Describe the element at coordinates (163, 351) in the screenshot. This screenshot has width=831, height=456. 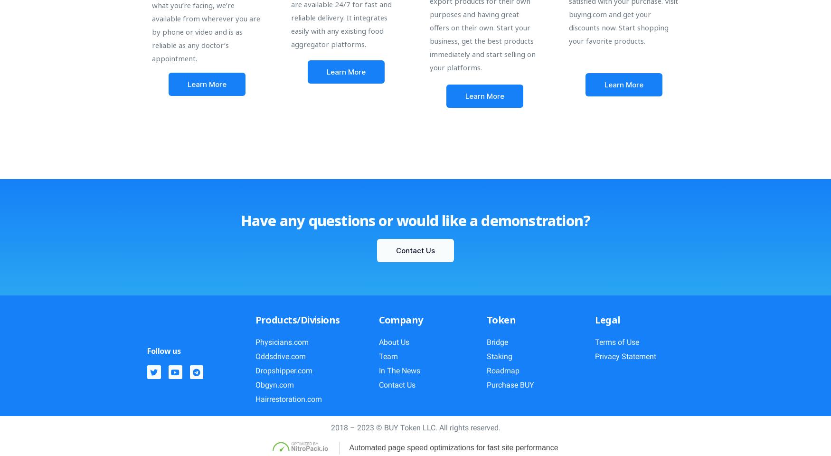
I see `'Follow us'` at that location.